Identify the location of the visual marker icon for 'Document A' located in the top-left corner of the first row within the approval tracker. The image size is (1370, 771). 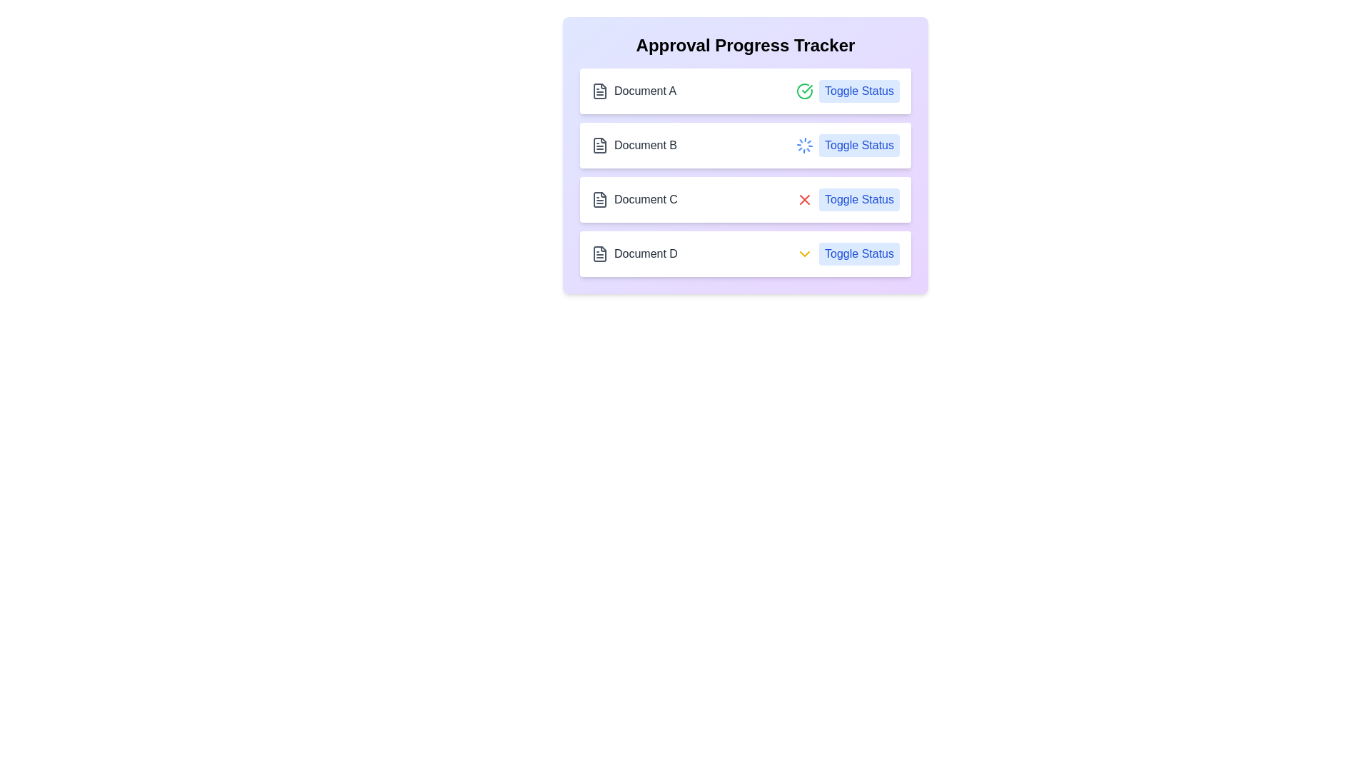
(599, 91).